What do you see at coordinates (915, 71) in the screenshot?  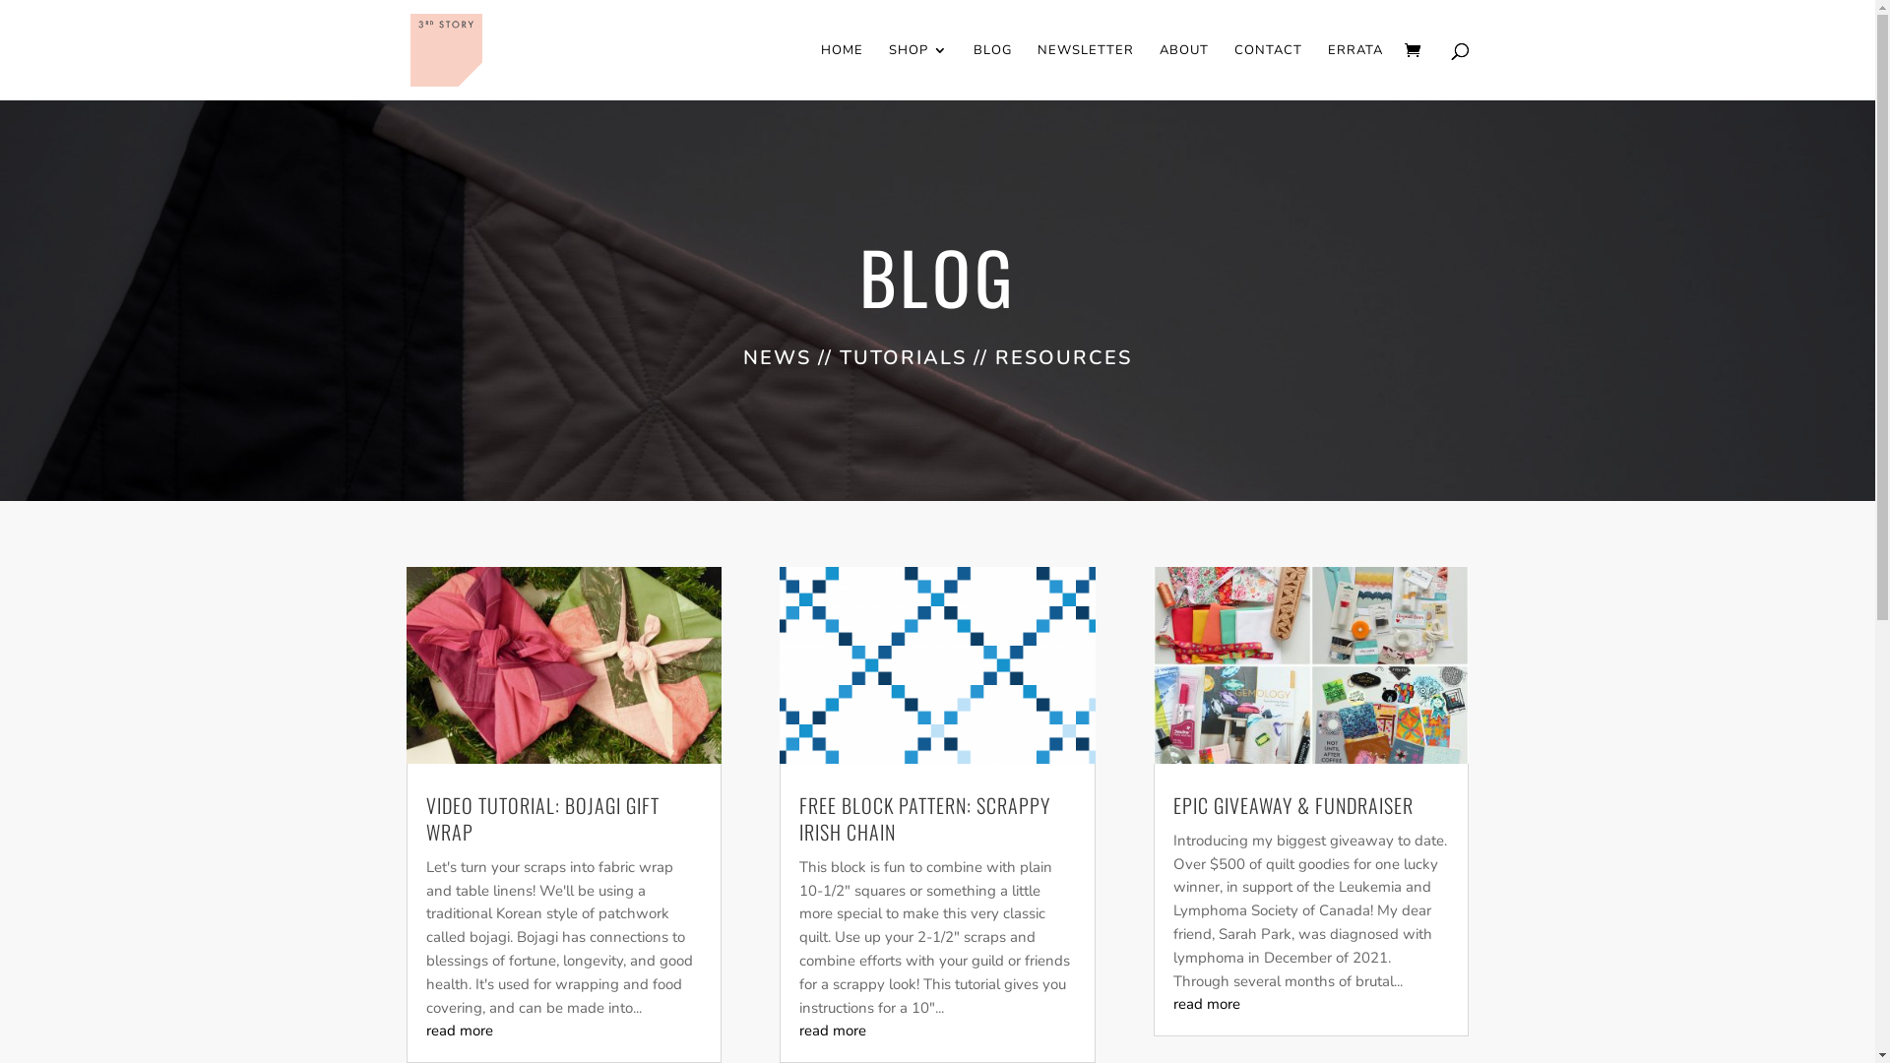 I see `'SHOP'` at bounding box center [915, 71].